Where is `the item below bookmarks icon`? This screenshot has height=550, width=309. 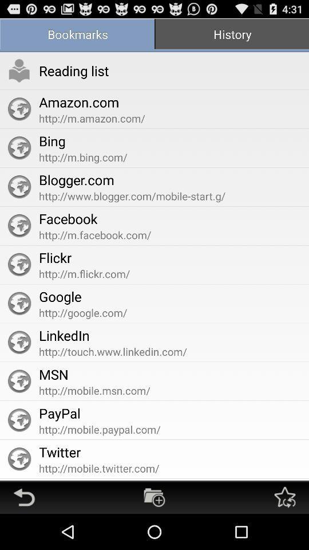
the item below bookmarks icon is located at coordinates (74, 70).